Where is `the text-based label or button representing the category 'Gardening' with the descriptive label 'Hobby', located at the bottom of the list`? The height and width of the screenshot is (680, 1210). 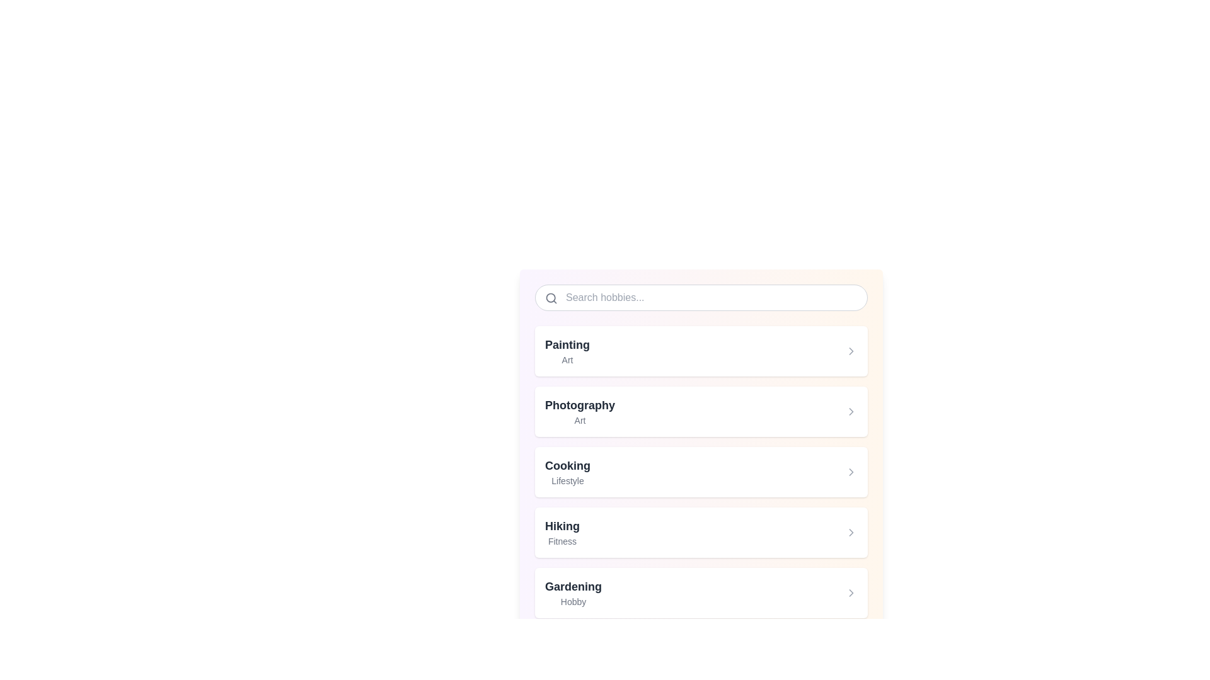
the text-based label or button representing the category 'Gardening' with the descriptive label 'Hobby', located at the bottom of the list is located at coordinates (573, 592).